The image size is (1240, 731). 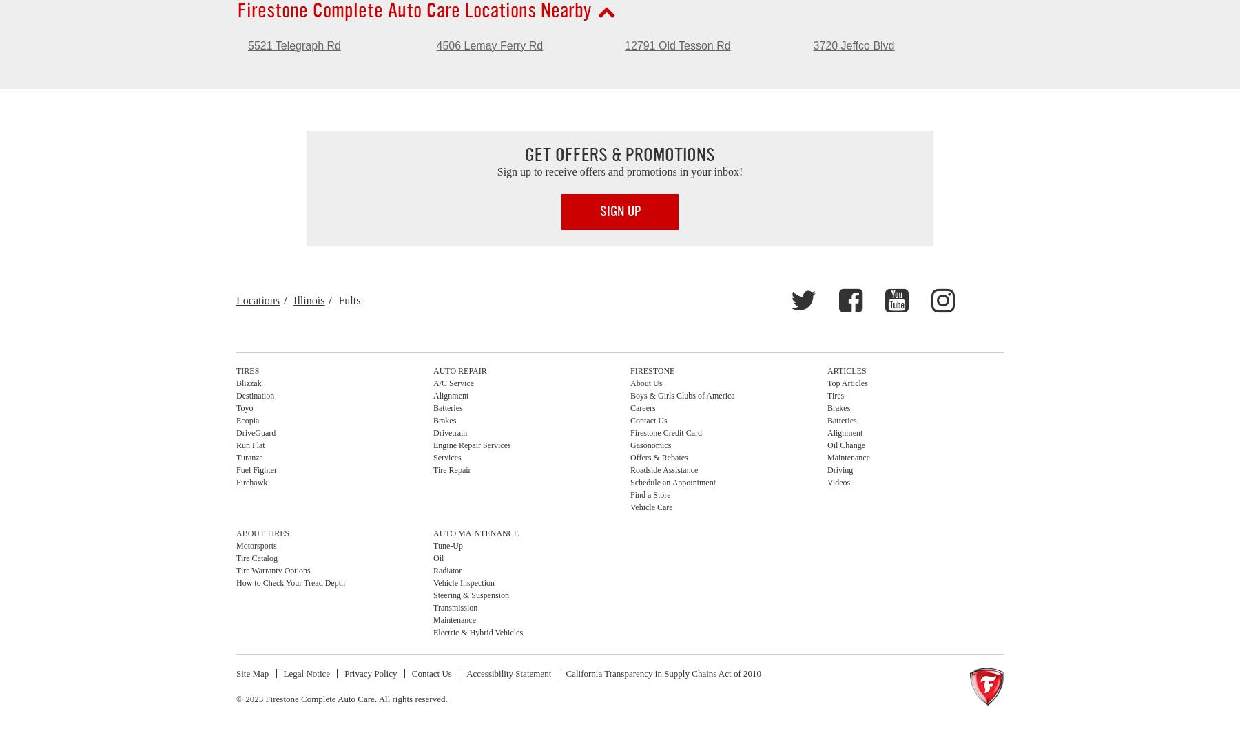 What do you see at coordinates (645, 383) in the screenshot?
I see `'About Us'` at bounding box center [645, 383].